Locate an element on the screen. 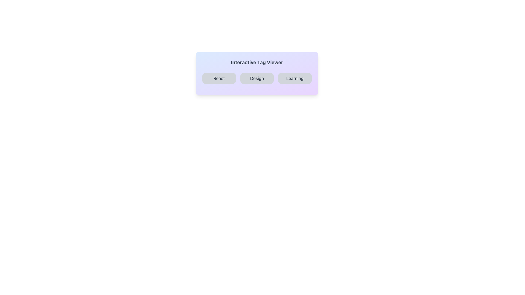 The width and height of the screenshot is (525, 295). the 'Design' button is located at coordinates (257, 78).